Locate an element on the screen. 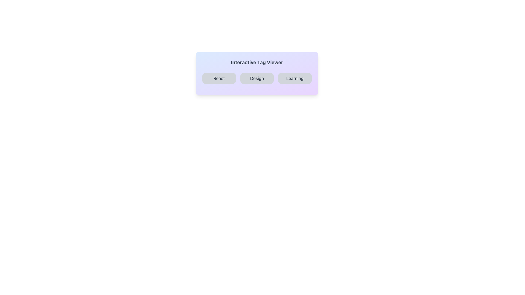 The width and height of the screenshot is (525, 295). the 'Design' button is located at coordinates (257, 78).